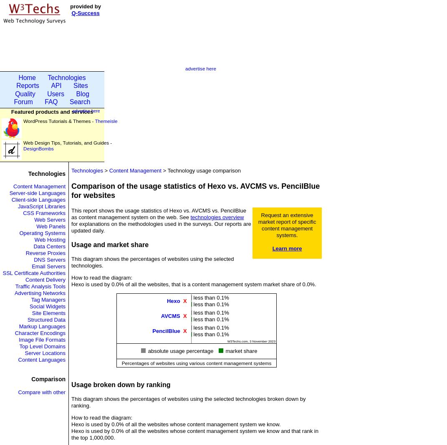 The image size is (447, 445). I want to click on 'Server Locations', so click(45, 352).